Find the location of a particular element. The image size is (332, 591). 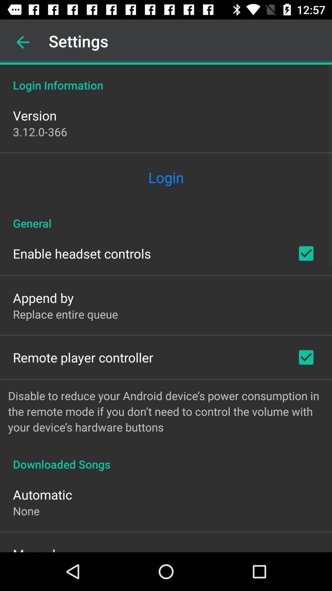

3 12 0 is located at coordinates (40, 131).